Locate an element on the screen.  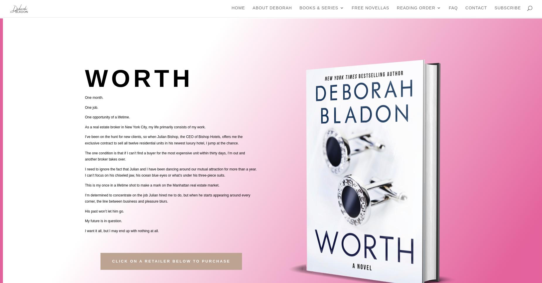
'One opportunity of a lifetime.' is located at coordinates (107, 117).